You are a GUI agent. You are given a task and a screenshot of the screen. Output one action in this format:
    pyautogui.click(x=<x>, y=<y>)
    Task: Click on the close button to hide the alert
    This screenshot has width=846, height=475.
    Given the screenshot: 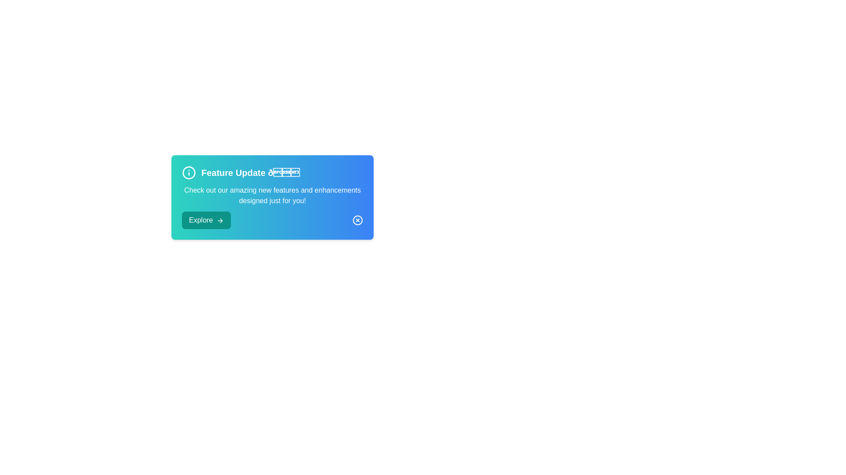 What is the action you would take?
    pyautogui.click(x=357, y=220)
    